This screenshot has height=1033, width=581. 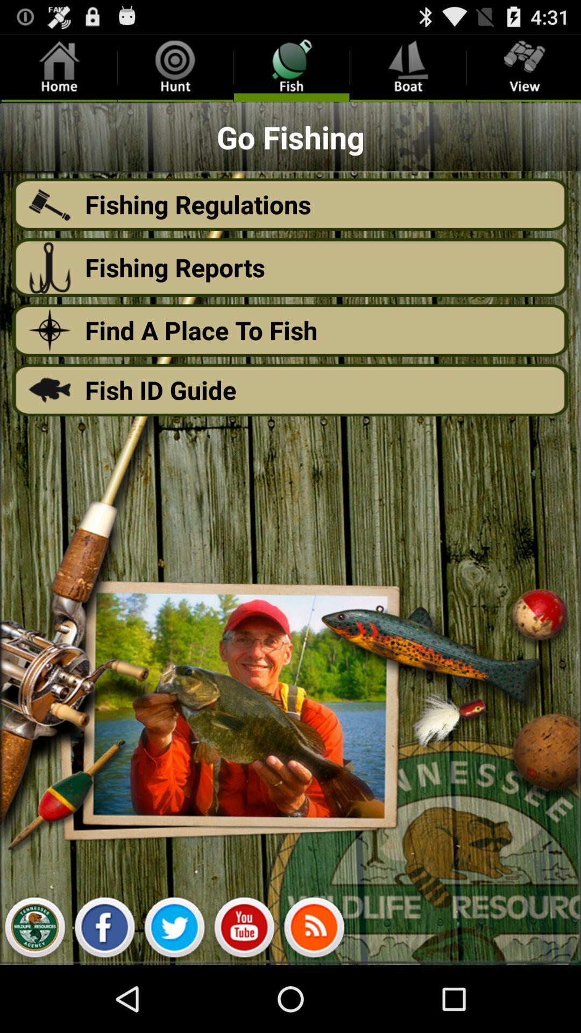 What do you see at coordinates (174, 930) in the screenshot?
I see `twitter` at bounding box center [174, 930].